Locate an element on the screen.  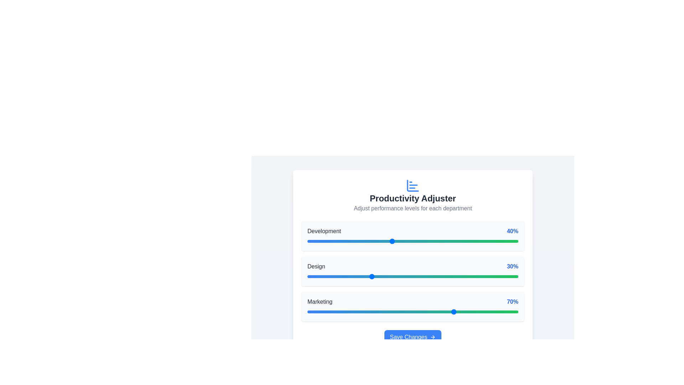
the 'Save Changes' button with a blue background and rounded corners, located centrally below the sliders for 'Development', 'Design', and 'Marketing' is located at coordinates (413, 337).